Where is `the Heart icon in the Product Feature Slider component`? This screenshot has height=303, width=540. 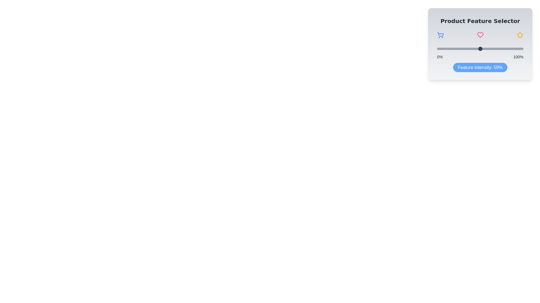 the Heart icon in the Product Feature Slider component is located at coordinates (480, 35).